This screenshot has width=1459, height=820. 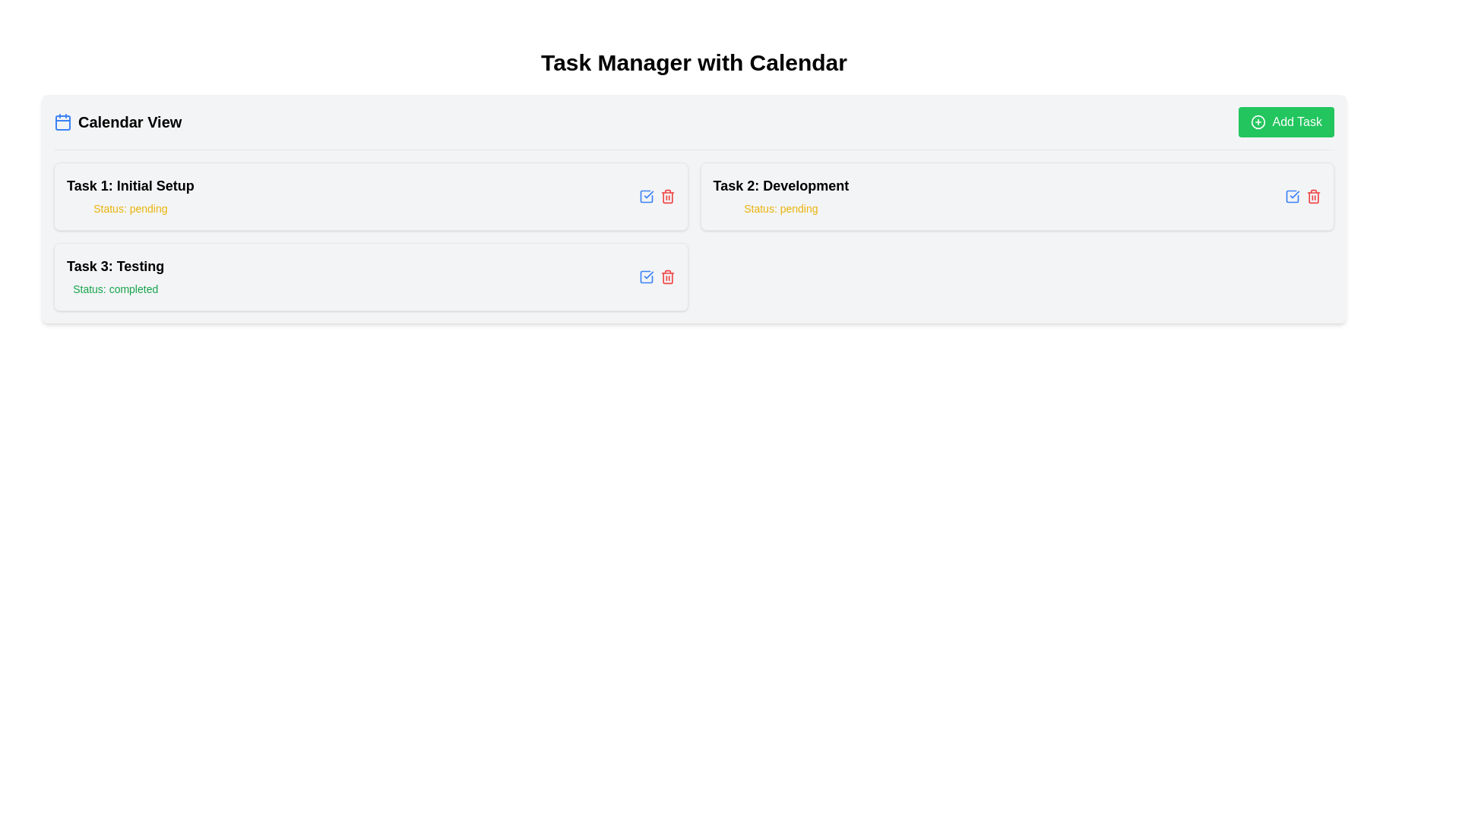 I want to click on the text label displaying the status of the task, which reads 'Status: pending.' This label is styled in small, italicized yellow font and is located beneath the task header 'Task 2: Development' within its card, so click(x=780, y=208).